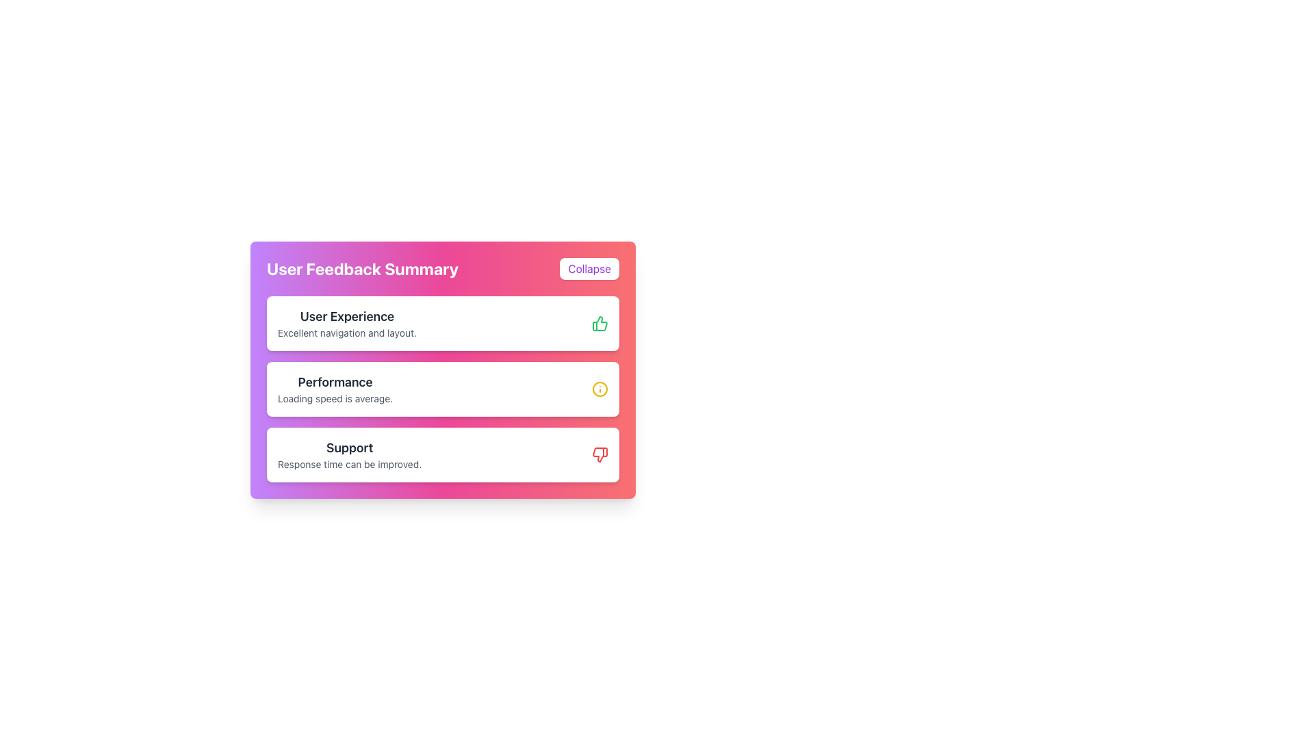  I want to click on the red thumbs-down icon located at the far right of the third row in the feedback list under the 'Support' category, so click(600, 454).